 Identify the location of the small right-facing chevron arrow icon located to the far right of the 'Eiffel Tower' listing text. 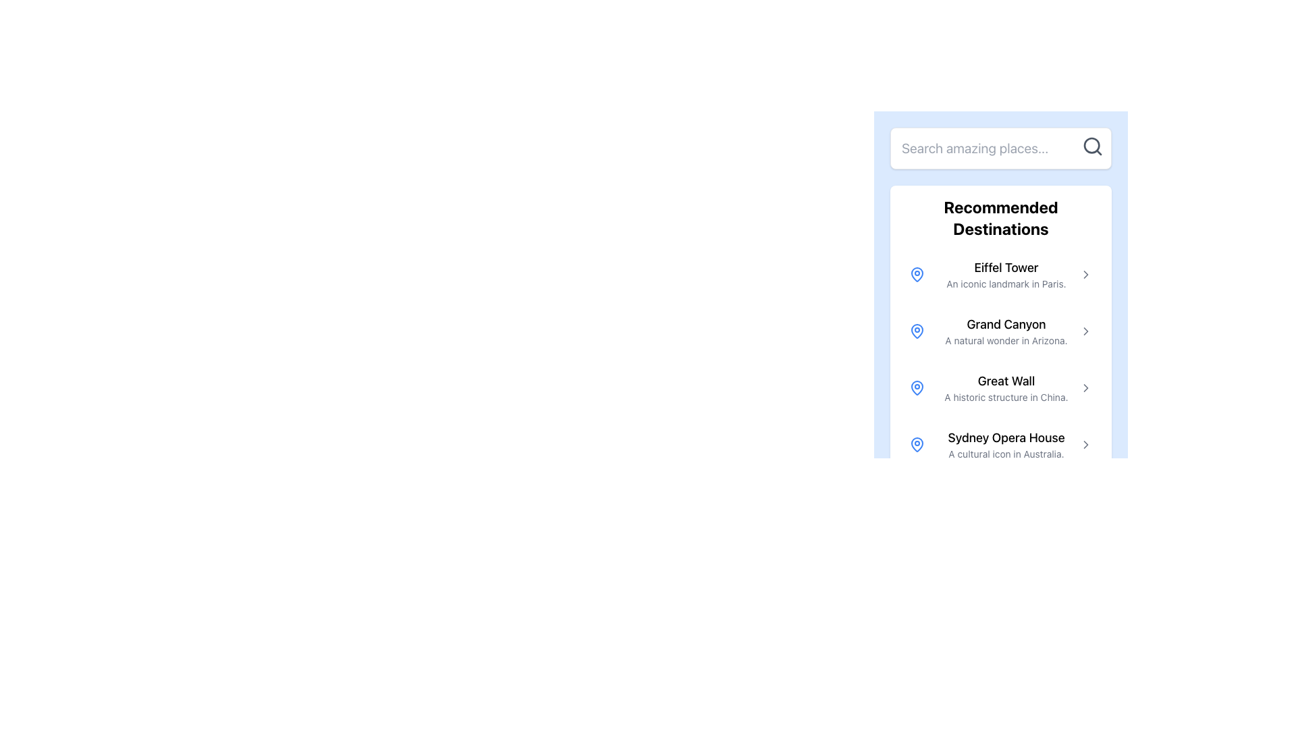
(1085, 274).